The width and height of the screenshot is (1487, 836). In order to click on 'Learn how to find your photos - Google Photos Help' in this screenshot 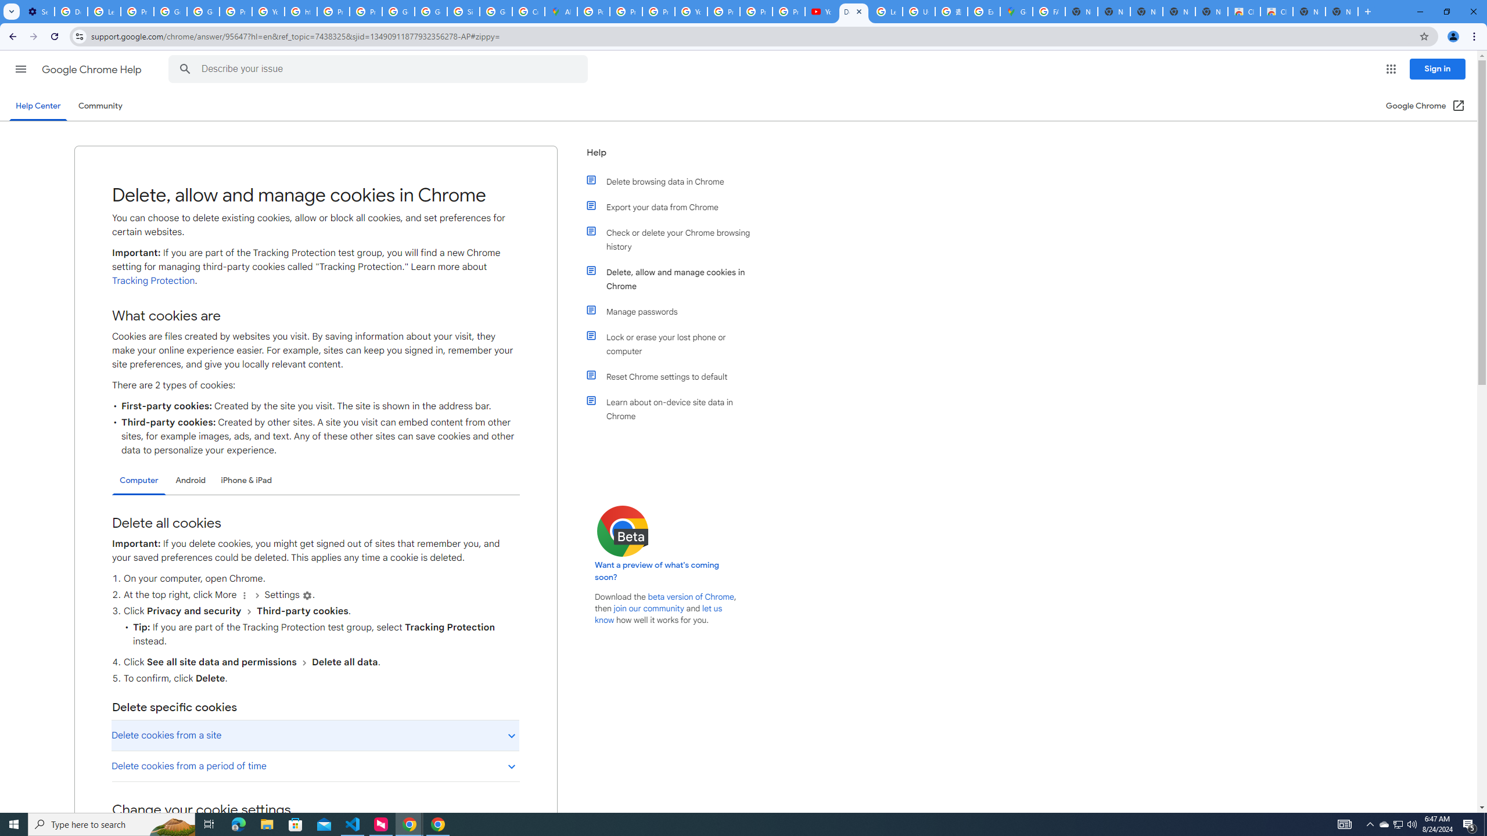, I will do `click(104, 11)`.